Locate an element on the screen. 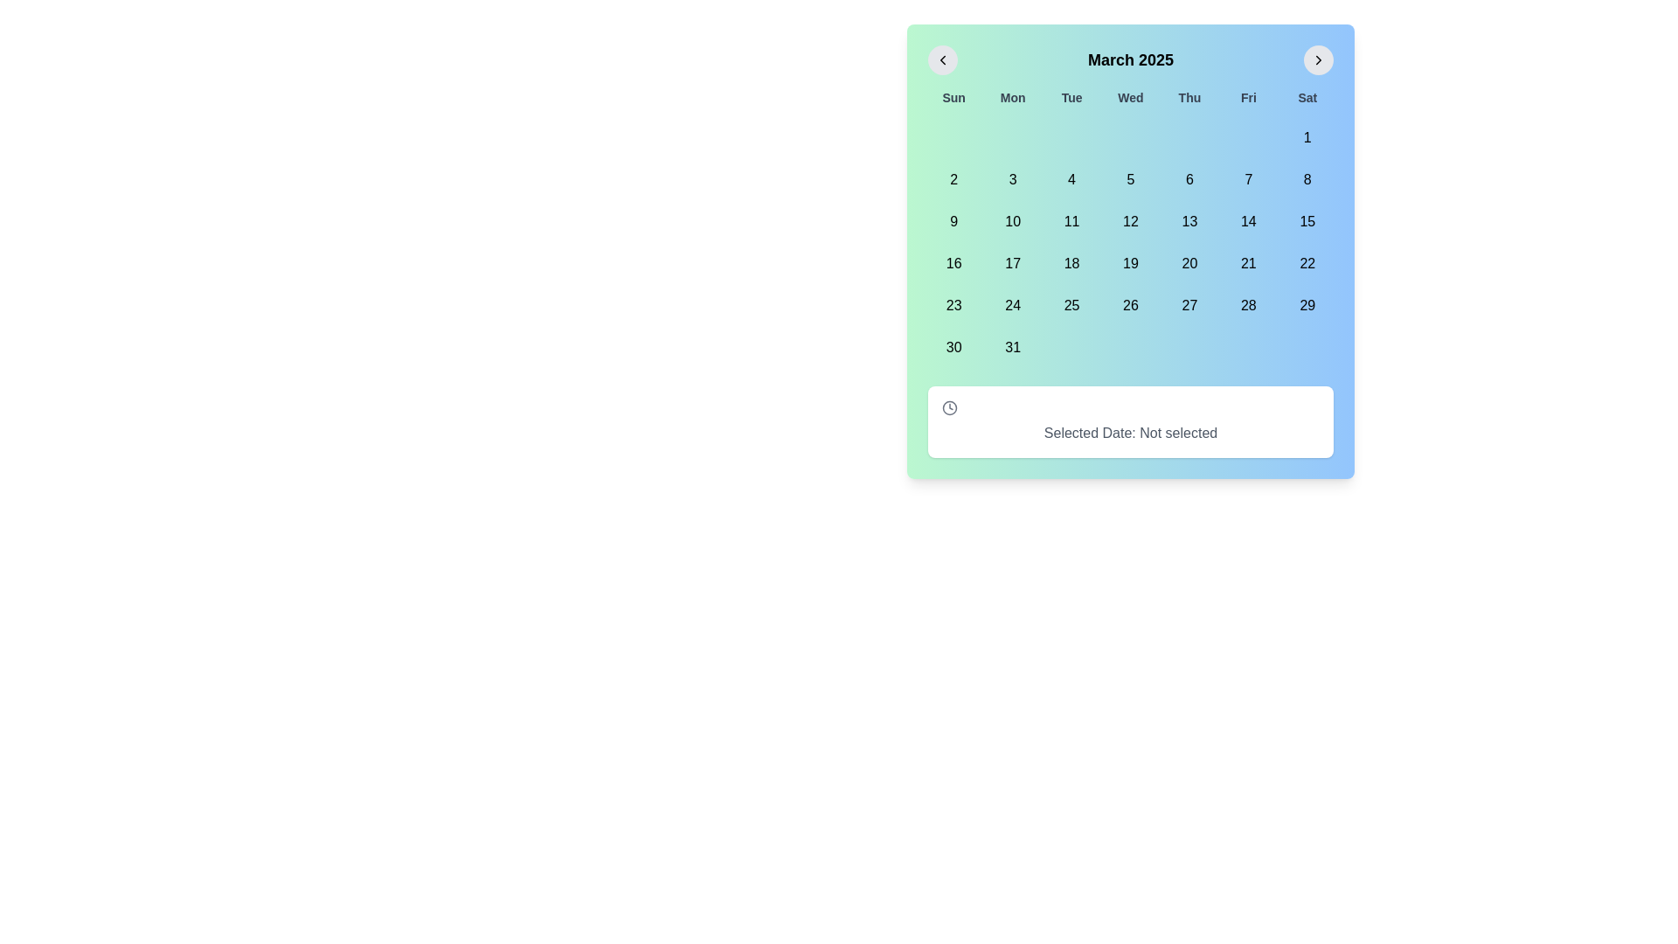 The image size is (1678, 944). the date selector button located in the fourth row and first column of the calendar is located at coordinates (953, 263).